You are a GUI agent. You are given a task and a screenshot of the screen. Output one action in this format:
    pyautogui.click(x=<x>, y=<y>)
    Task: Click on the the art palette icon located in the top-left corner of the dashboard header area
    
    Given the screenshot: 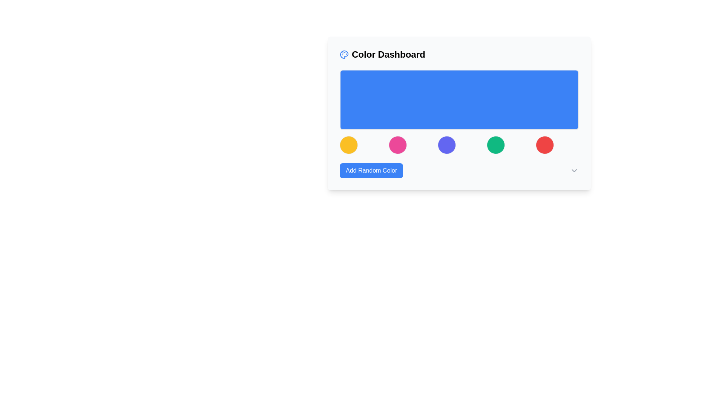 What is the action you would take?
    pyautogui.click(x=344, y=54)
    